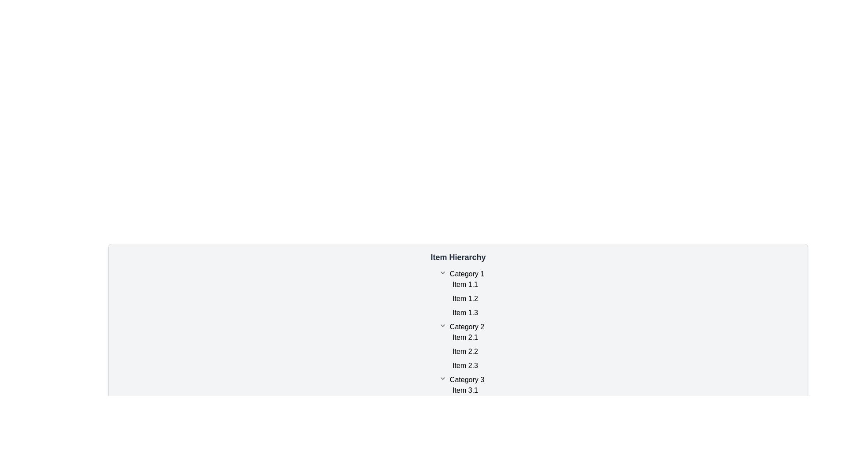  I want to click on the Text Display that shows the first item under the heading 'Category 3' in the vertical list layout, so click(465, 390).